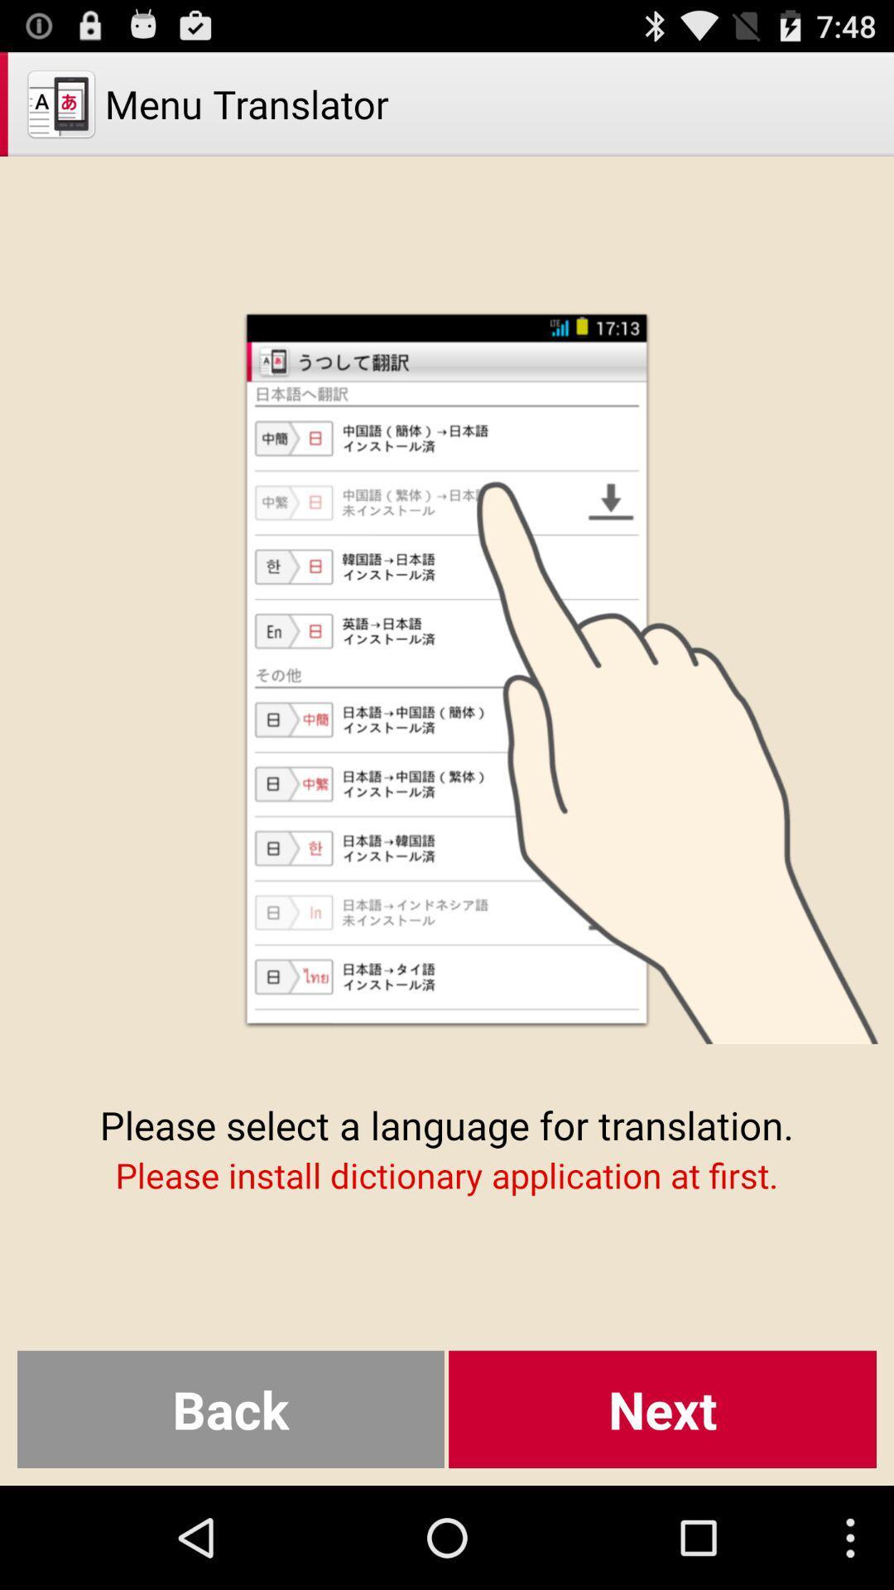 The image size is (894, 1590). Describe the element at coordinates (230, 1409) in the screenshot. I see `item at the bottom left corner` at that location.